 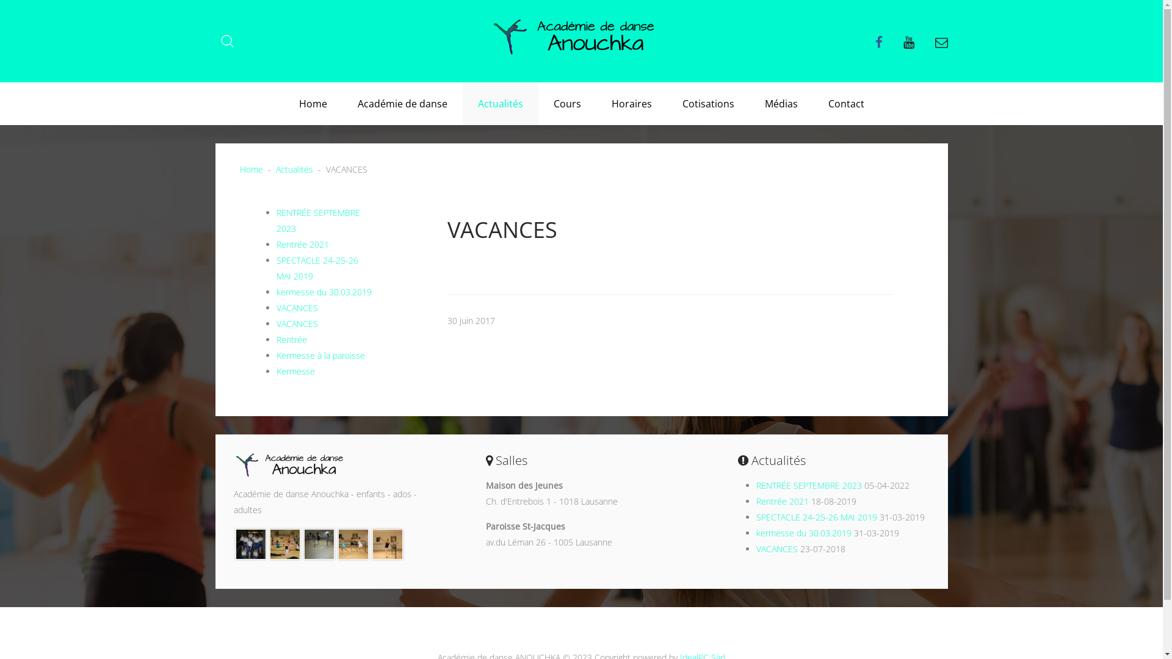 What do you see at coordinates (296, 323) in the screenshot?
I see `'VACANCES'` at bounding box center [296, 323].